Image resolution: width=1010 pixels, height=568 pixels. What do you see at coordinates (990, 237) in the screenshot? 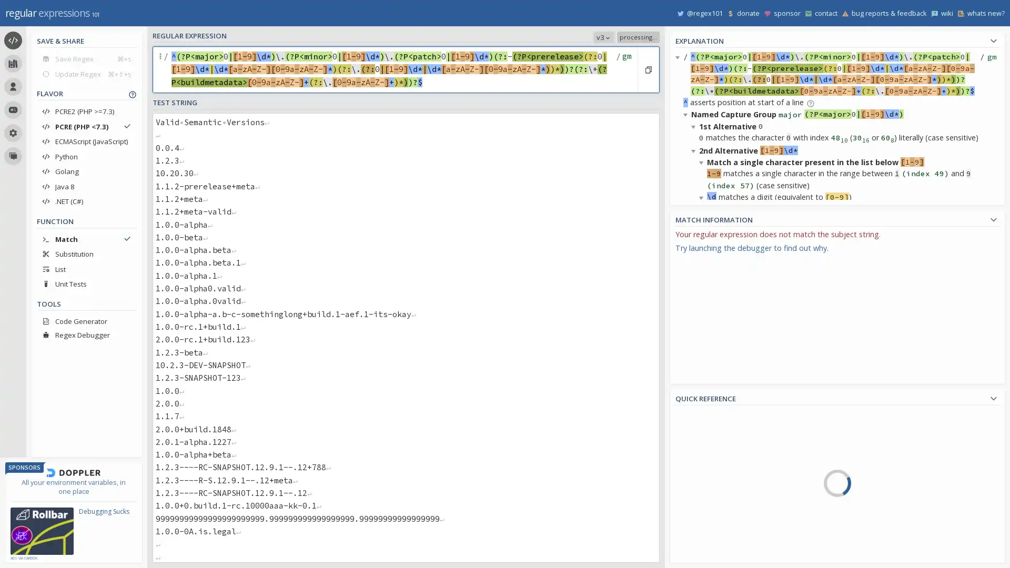
I see `Export Matches` at bounding box center [990, 237].